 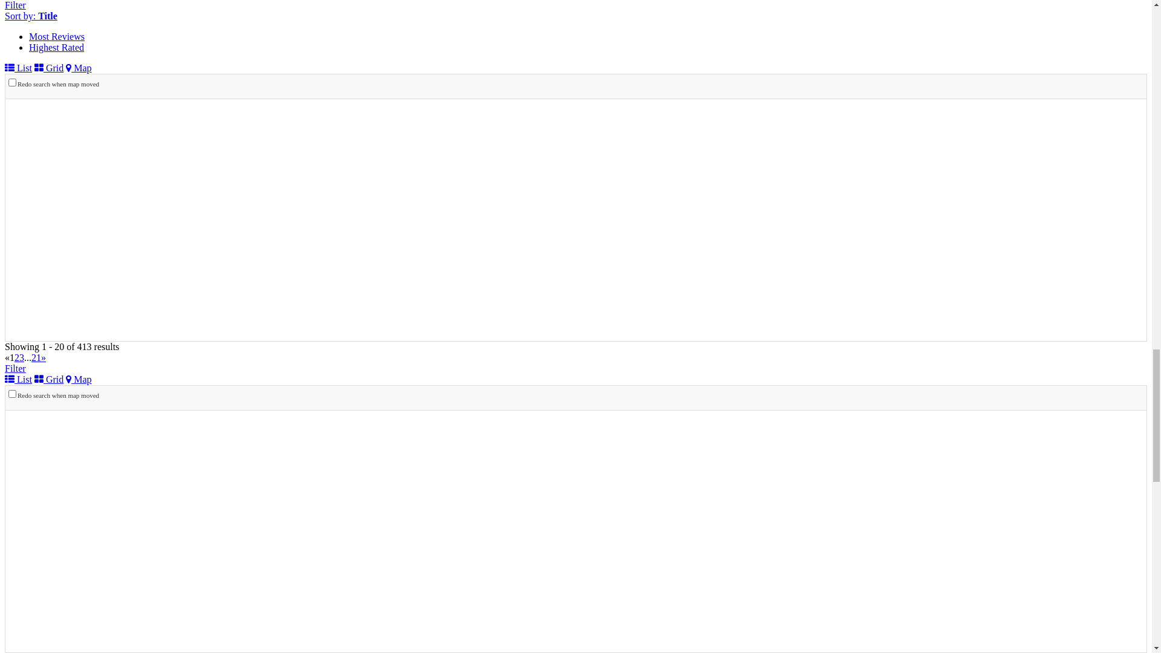 What do you see at coordinates (62, 354) in the screenshot?
I see `'How'` at bounding box center [62, 354].